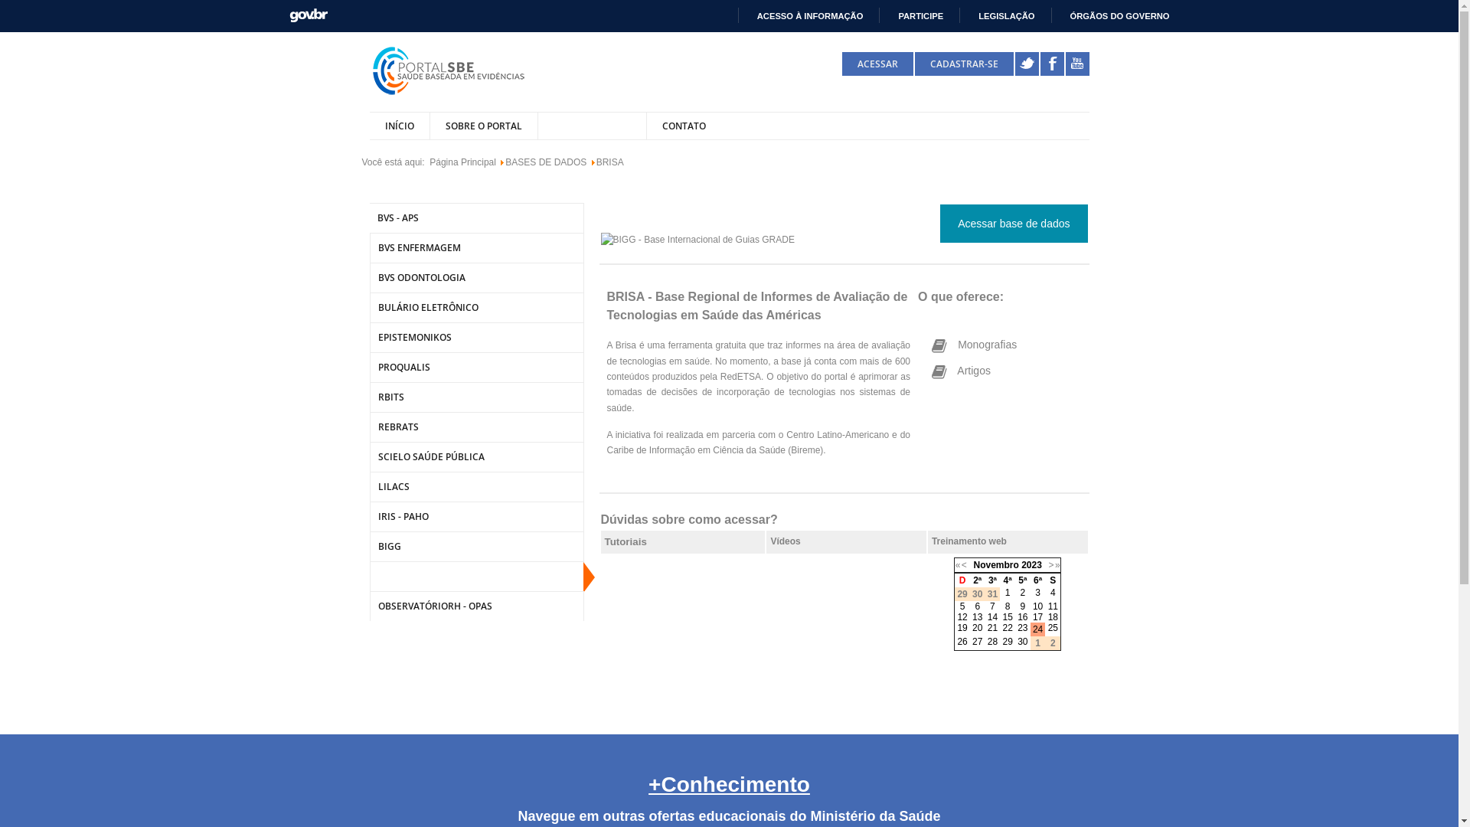  What do you see at coordinates (1023, 605) in the screenshot?
I see `'9'` at bounding box center [1023, 605].